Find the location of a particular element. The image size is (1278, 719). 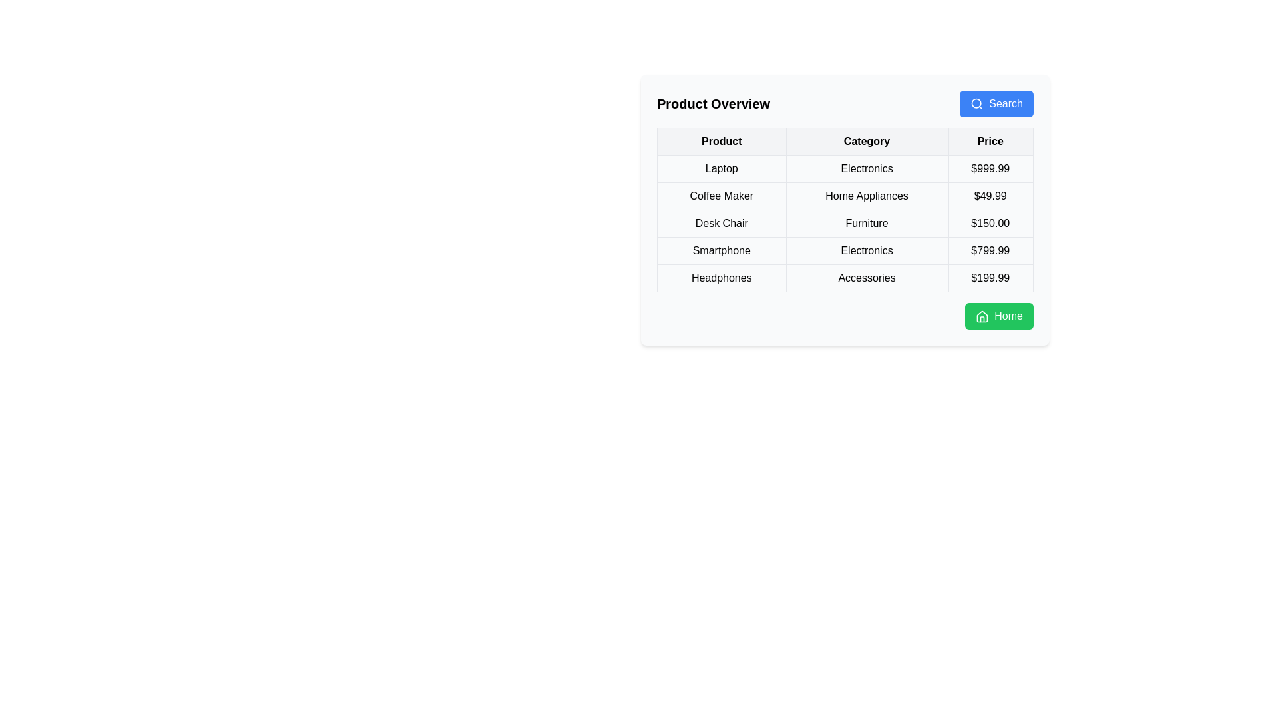

the Table Header that labels the first column of a table, providing context for the product names below it is located at coordinates (721, 141).